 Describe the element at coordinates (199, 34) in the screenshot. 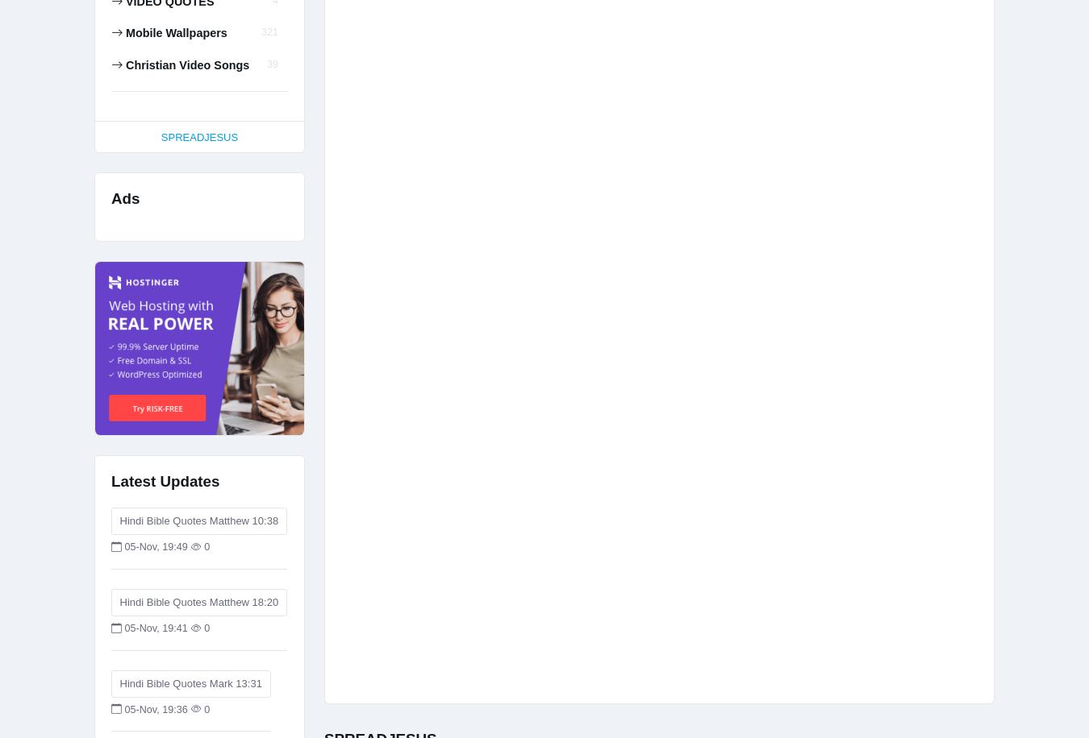

I see `'1 432'` at that location.